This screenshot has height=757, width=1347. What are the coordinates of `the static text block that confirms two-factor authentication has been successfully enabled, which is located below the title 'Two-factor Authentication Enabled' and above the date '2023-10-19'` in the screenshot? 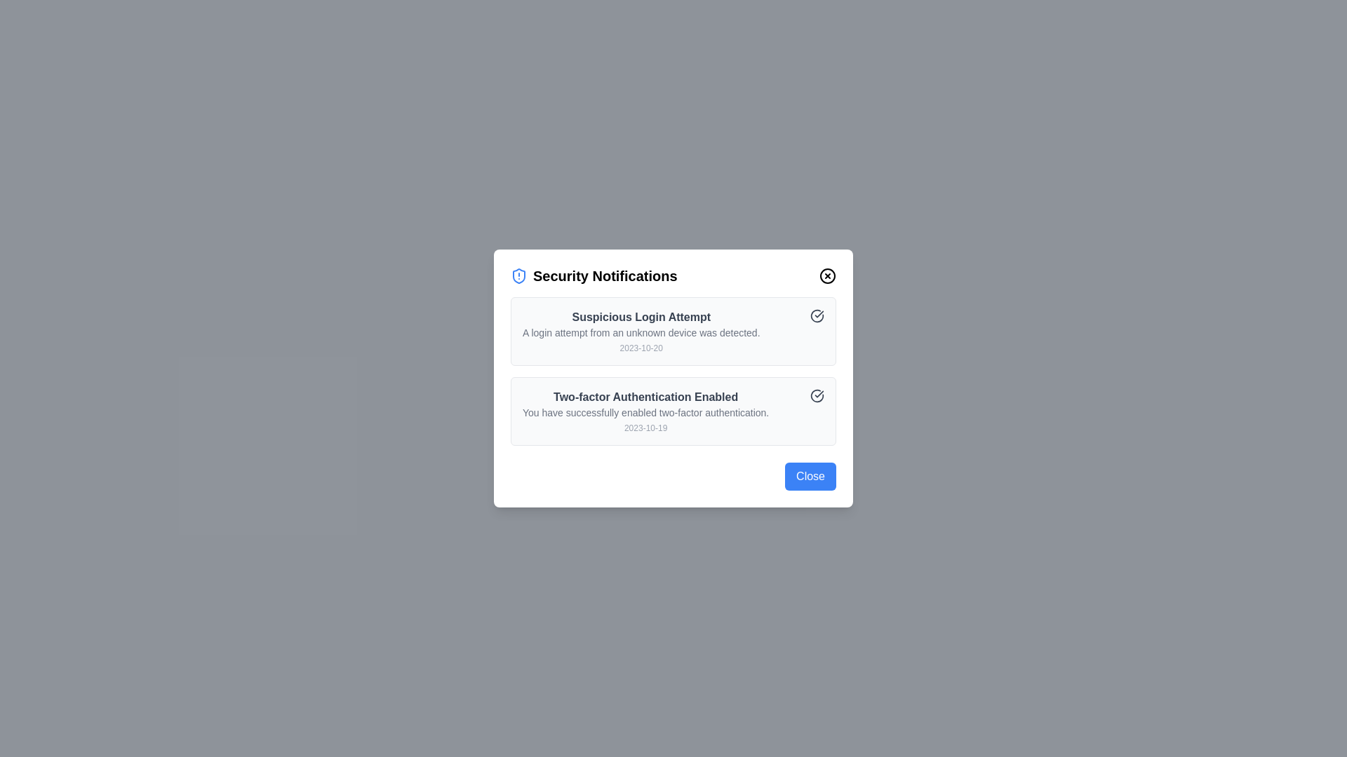 It's located at (645, 412).